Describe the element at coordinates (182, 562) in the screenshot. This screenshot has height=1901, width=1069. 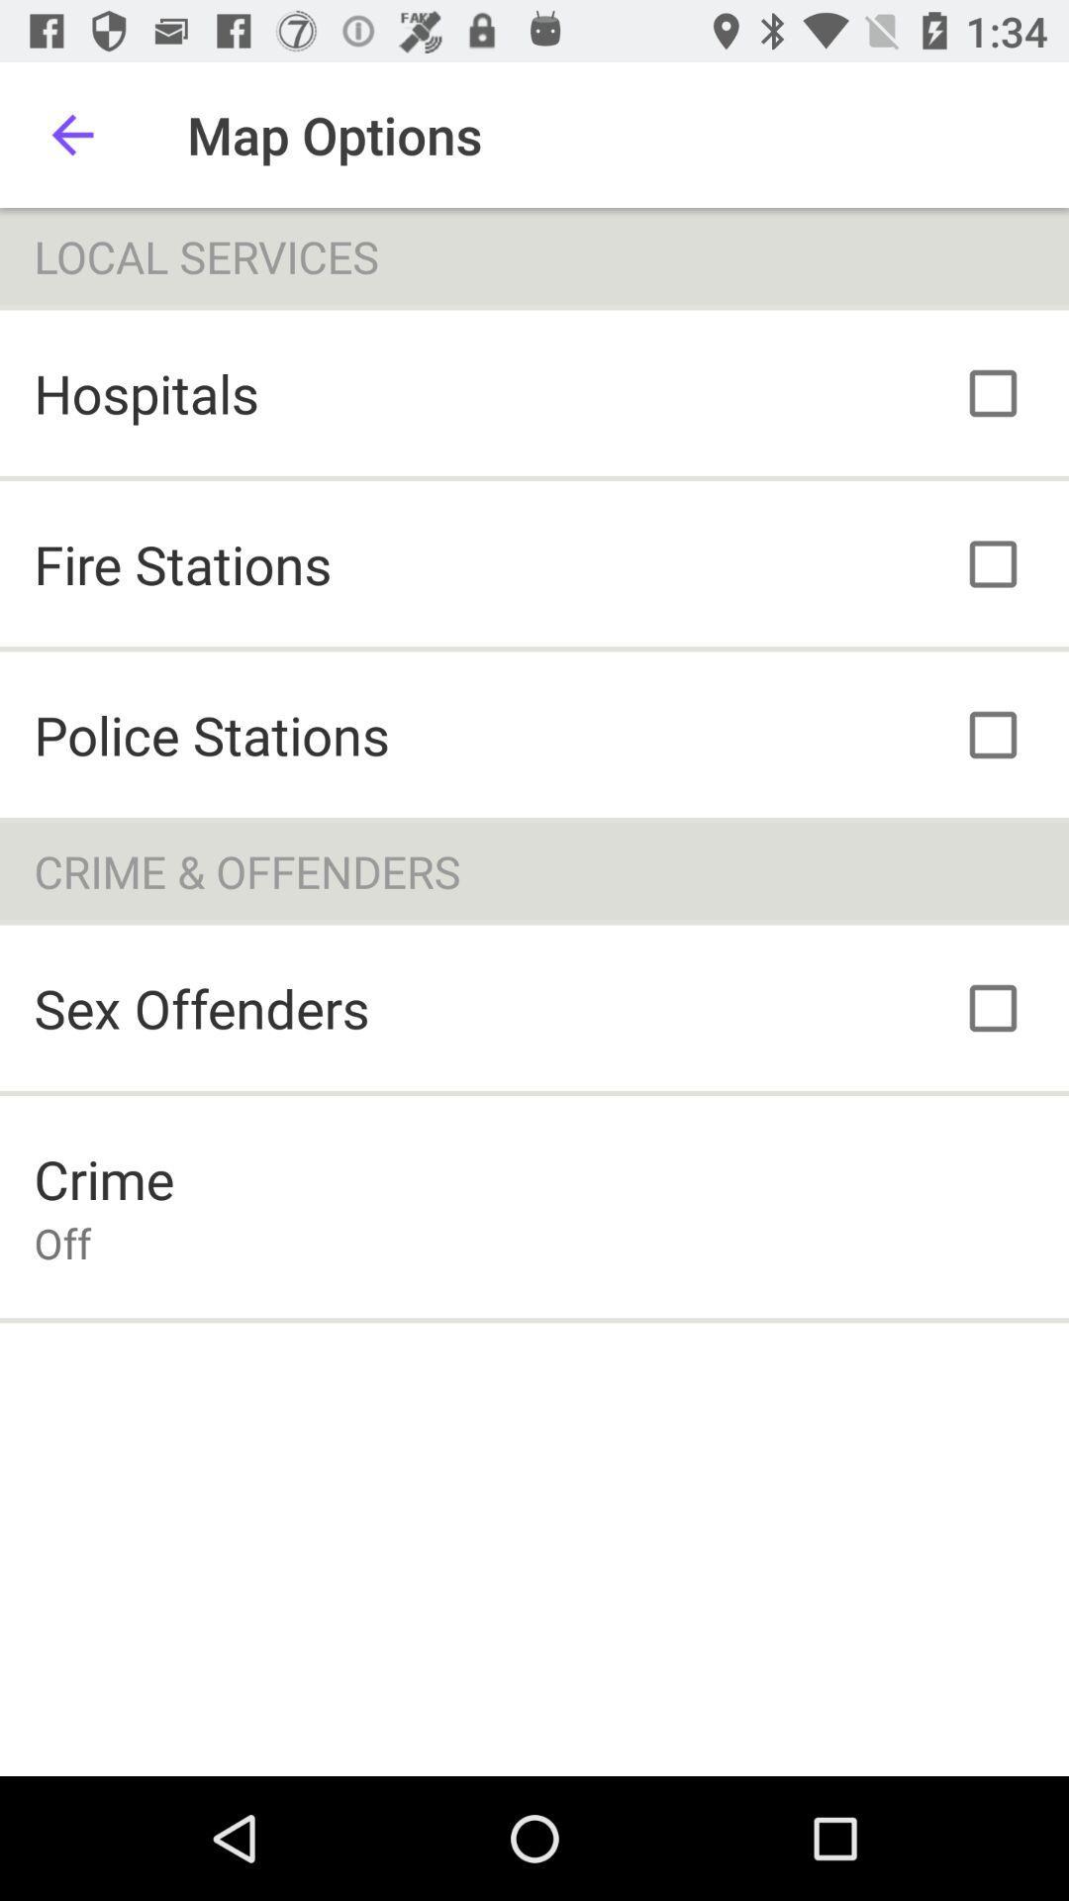
I see `fire stations item` at that location.